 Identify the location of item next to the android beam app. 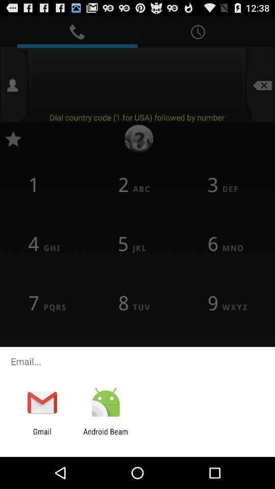
(42, 436).